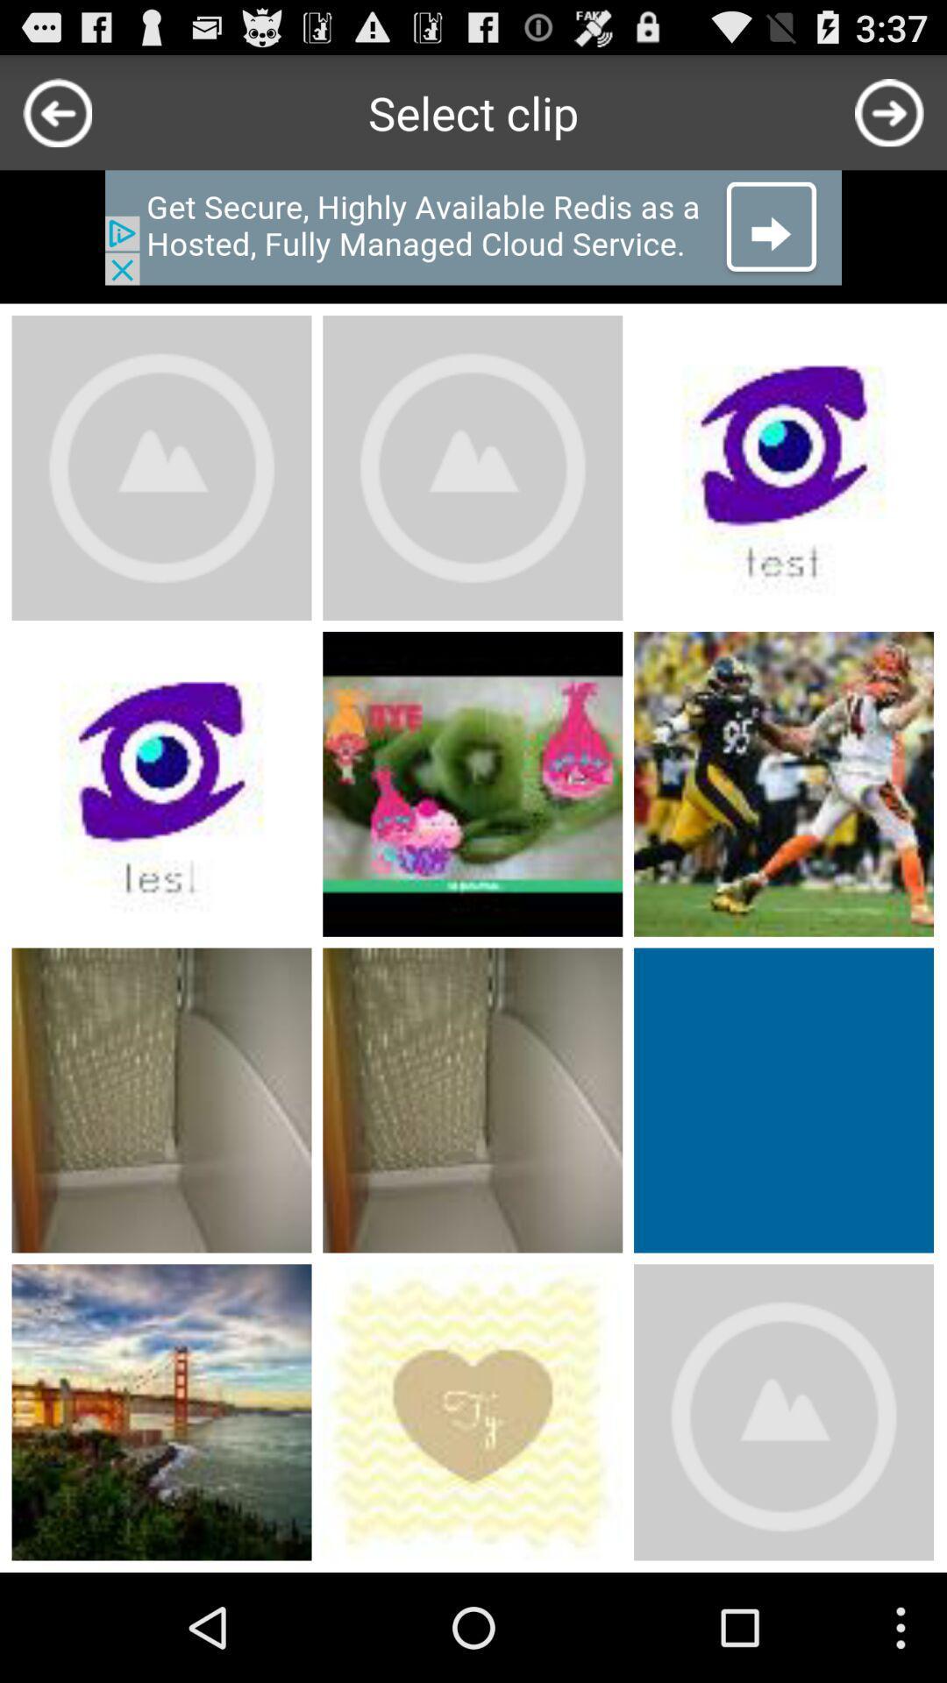 The height and width of the screenshot is (1683, 947). I want to click on the arrow_forward icon, so click(889, 119).